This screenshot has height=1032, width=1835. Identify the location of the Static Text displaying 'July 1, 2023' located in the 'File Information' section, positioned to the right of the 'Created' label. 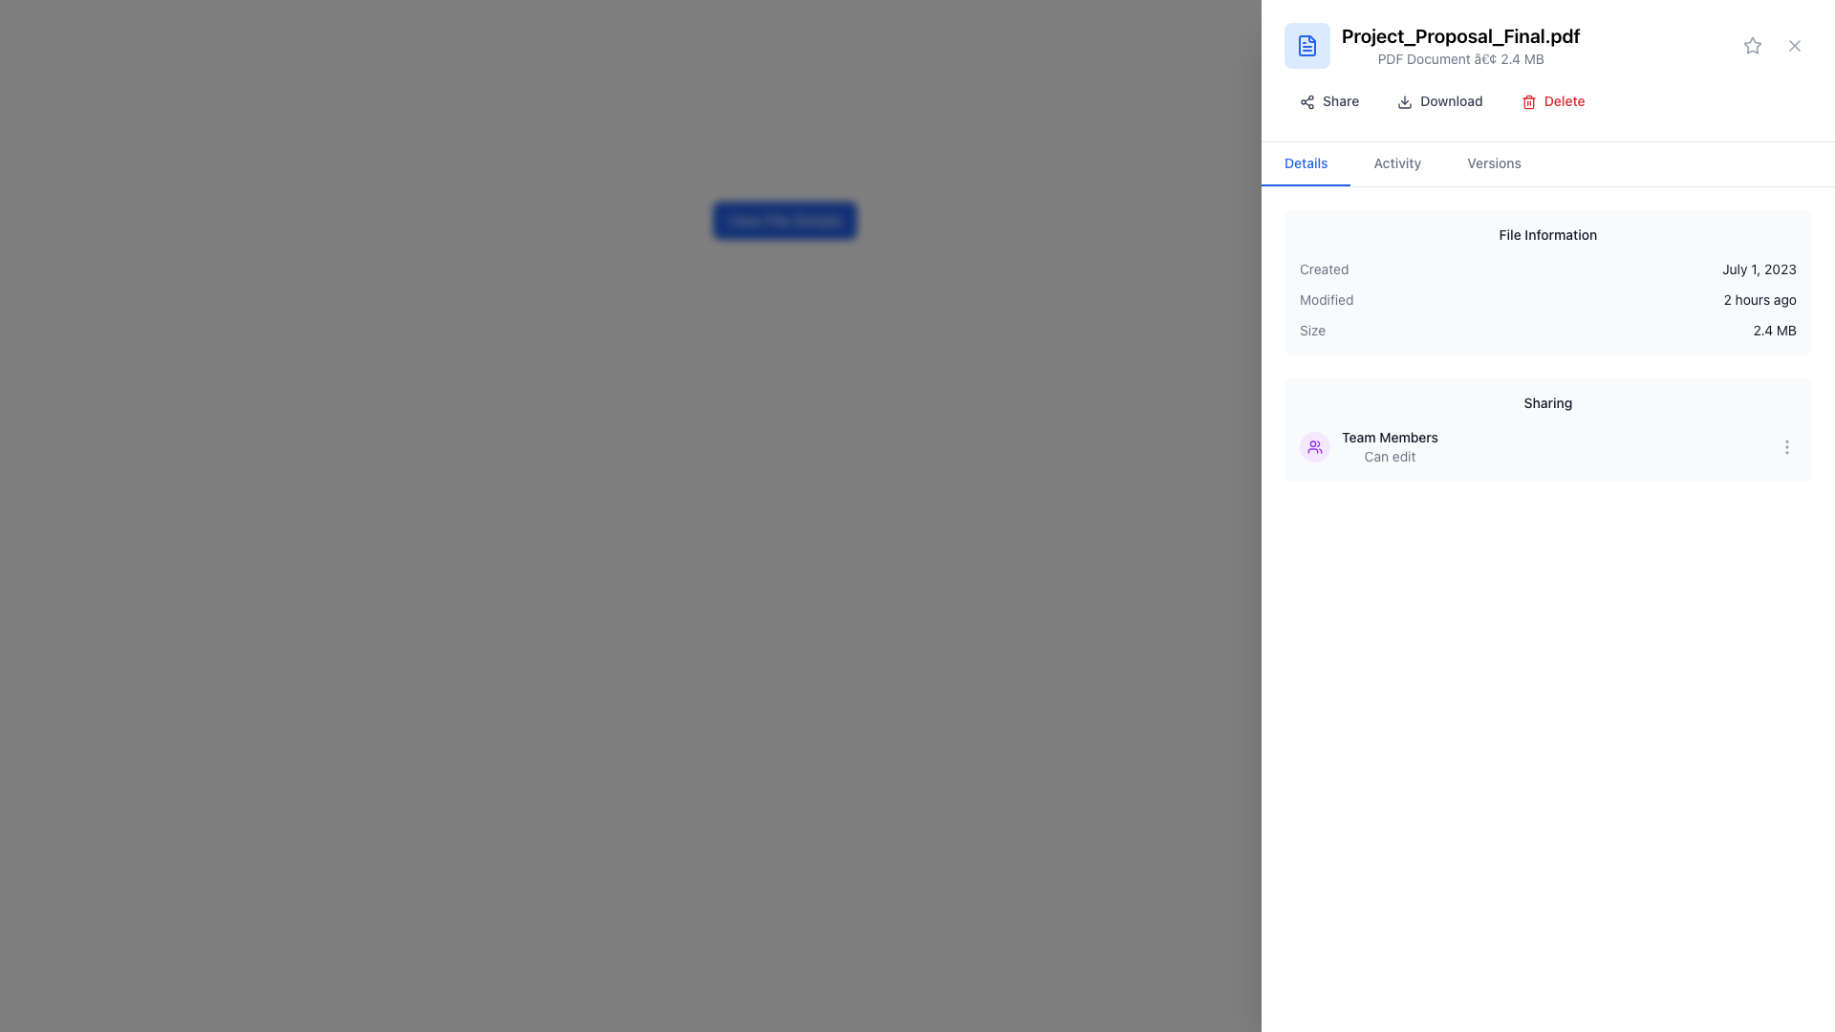
(1759, 269).